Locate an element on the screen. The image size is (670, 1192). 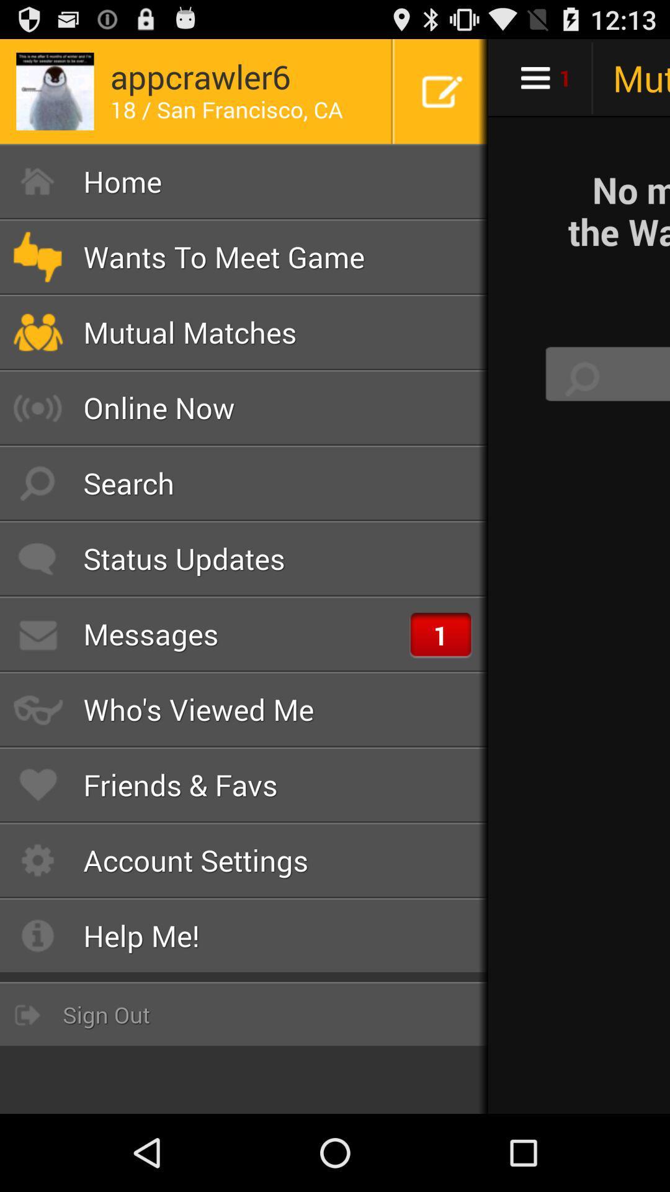
search button is located at coordinates (582, 378).